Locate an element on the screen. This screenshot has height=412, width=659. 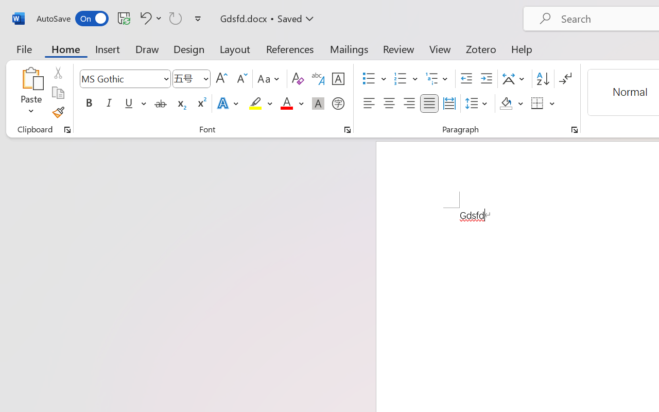
'Shading' is located at coordinates (511, 104).